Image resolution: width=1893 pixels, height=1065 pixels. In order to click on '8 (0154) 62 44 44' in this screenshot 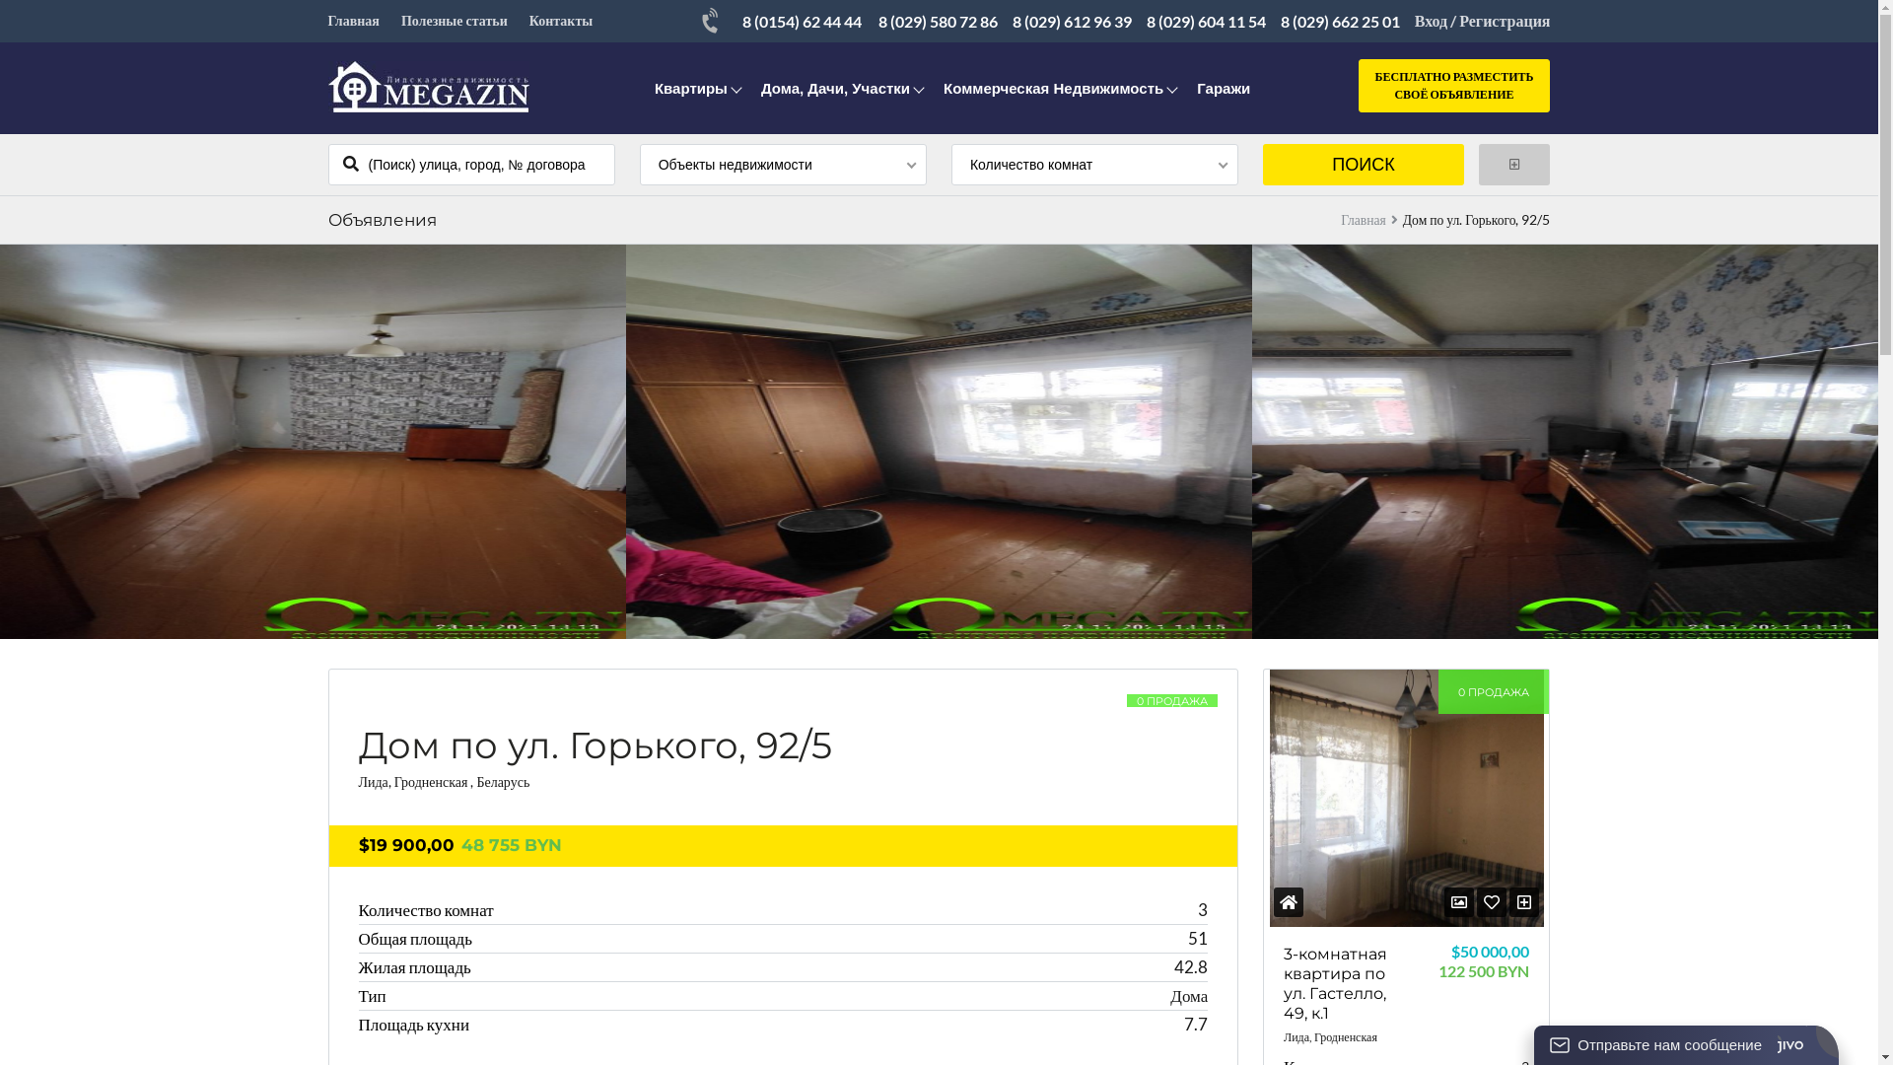, I will do `click(802, 21)`.